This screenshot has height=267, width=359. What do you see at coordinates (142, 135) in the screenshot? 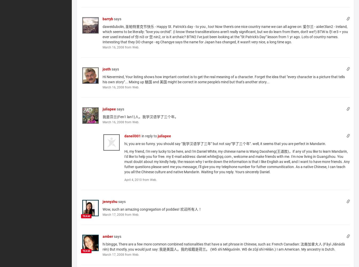
I see `'in reply to'` at bounding box center [142, 135].